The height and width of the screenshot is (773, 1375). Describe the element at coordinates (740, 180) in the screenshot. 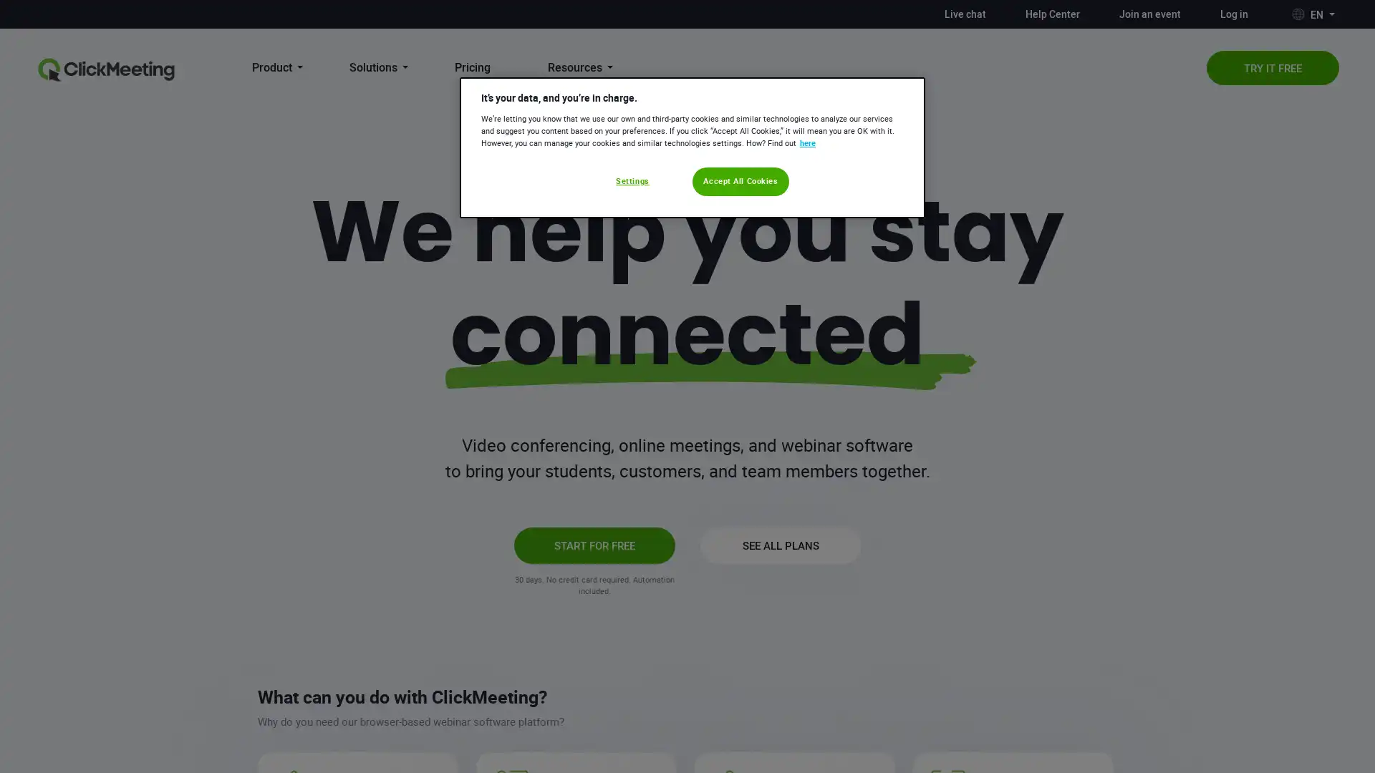

I see `Accept All Cookies` at that location.